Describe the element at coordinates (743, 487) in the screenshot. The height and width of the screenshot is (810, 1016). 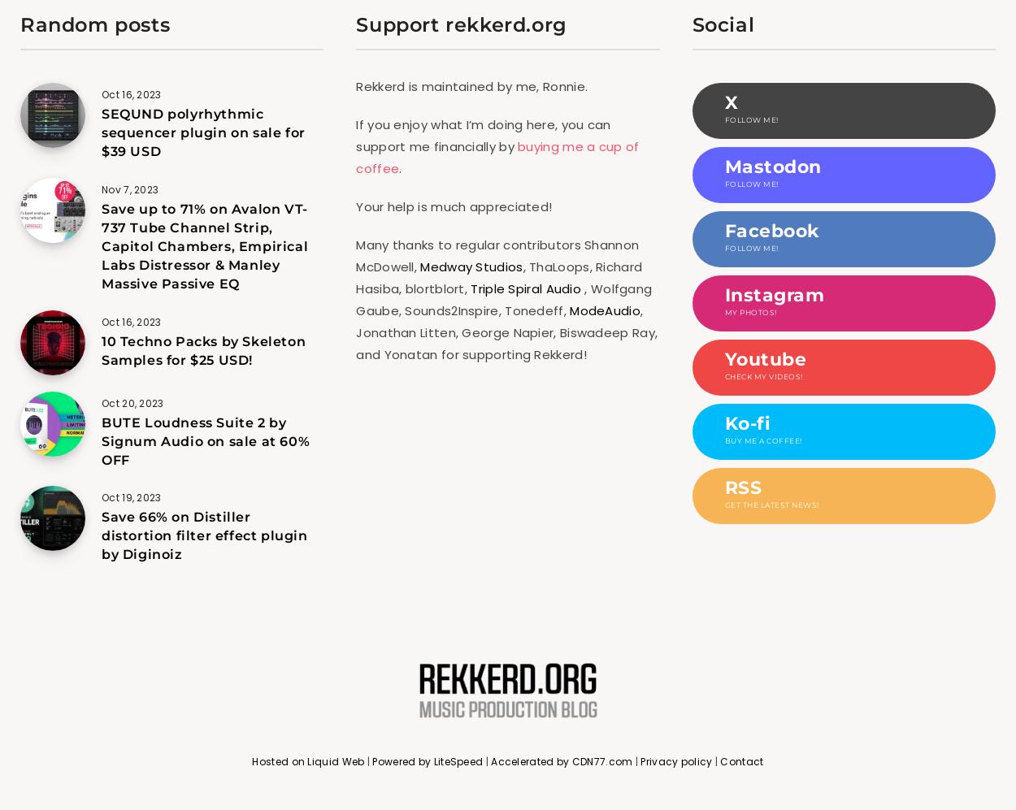
I see `'RSS'` at that location.